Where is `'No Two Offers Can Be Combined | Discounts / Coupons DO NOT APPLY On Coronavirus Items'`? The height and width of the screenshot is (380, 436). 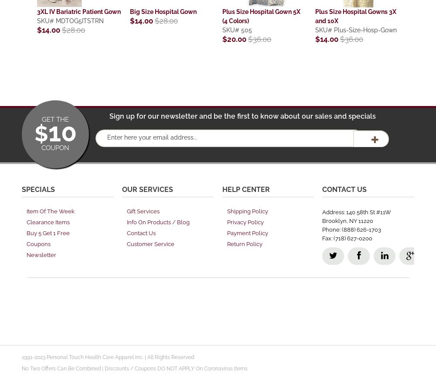
'No Two Offers Can Be Combined | Discounts / Coupons DO NOT APPLY On Coronavirus Items' is located at coordinates (22, 368).